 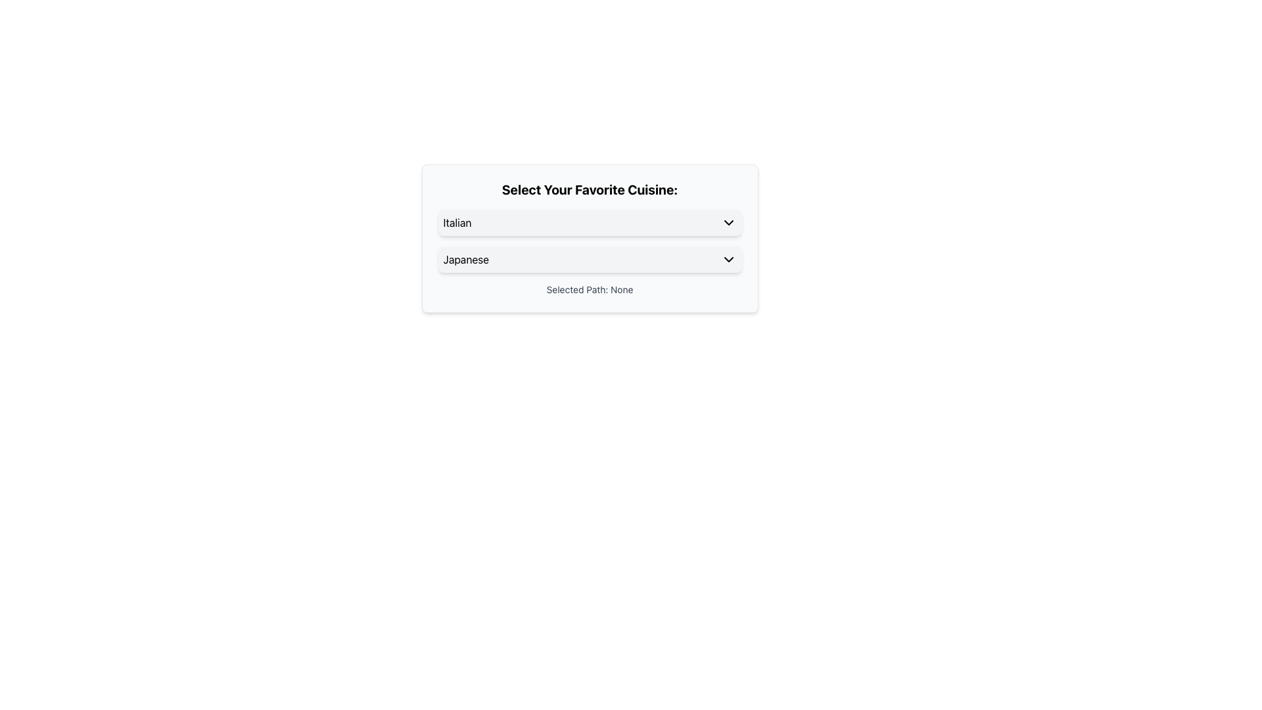 I want to click on the downward-pointing chevron icon located to the far right of the 'Japanese' text, so click(x=728, y=259).